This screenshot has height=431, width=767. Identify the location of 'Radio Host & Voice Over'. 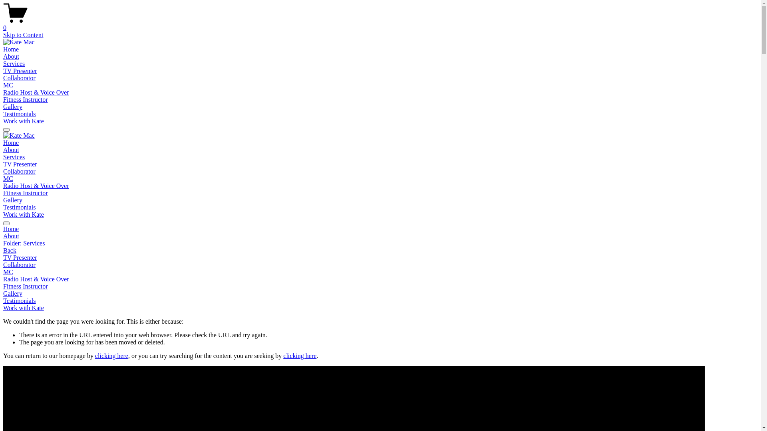
(380, 279).